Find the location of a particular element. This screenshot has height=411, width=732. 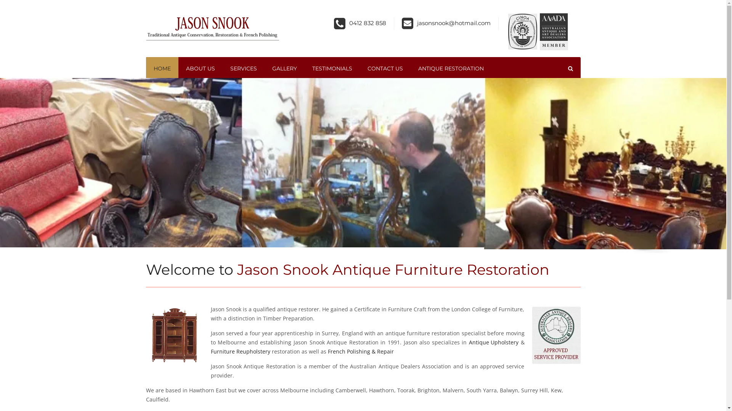

'HOME' is located at coordinates (161, 68).